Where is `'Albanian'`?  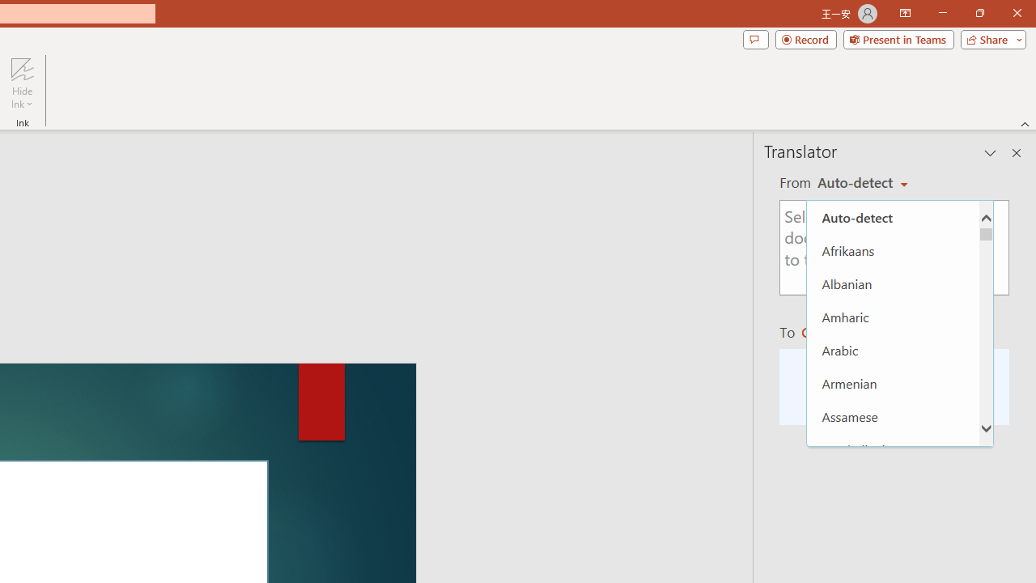 'Albanian' is located at coordinates (892, 283).